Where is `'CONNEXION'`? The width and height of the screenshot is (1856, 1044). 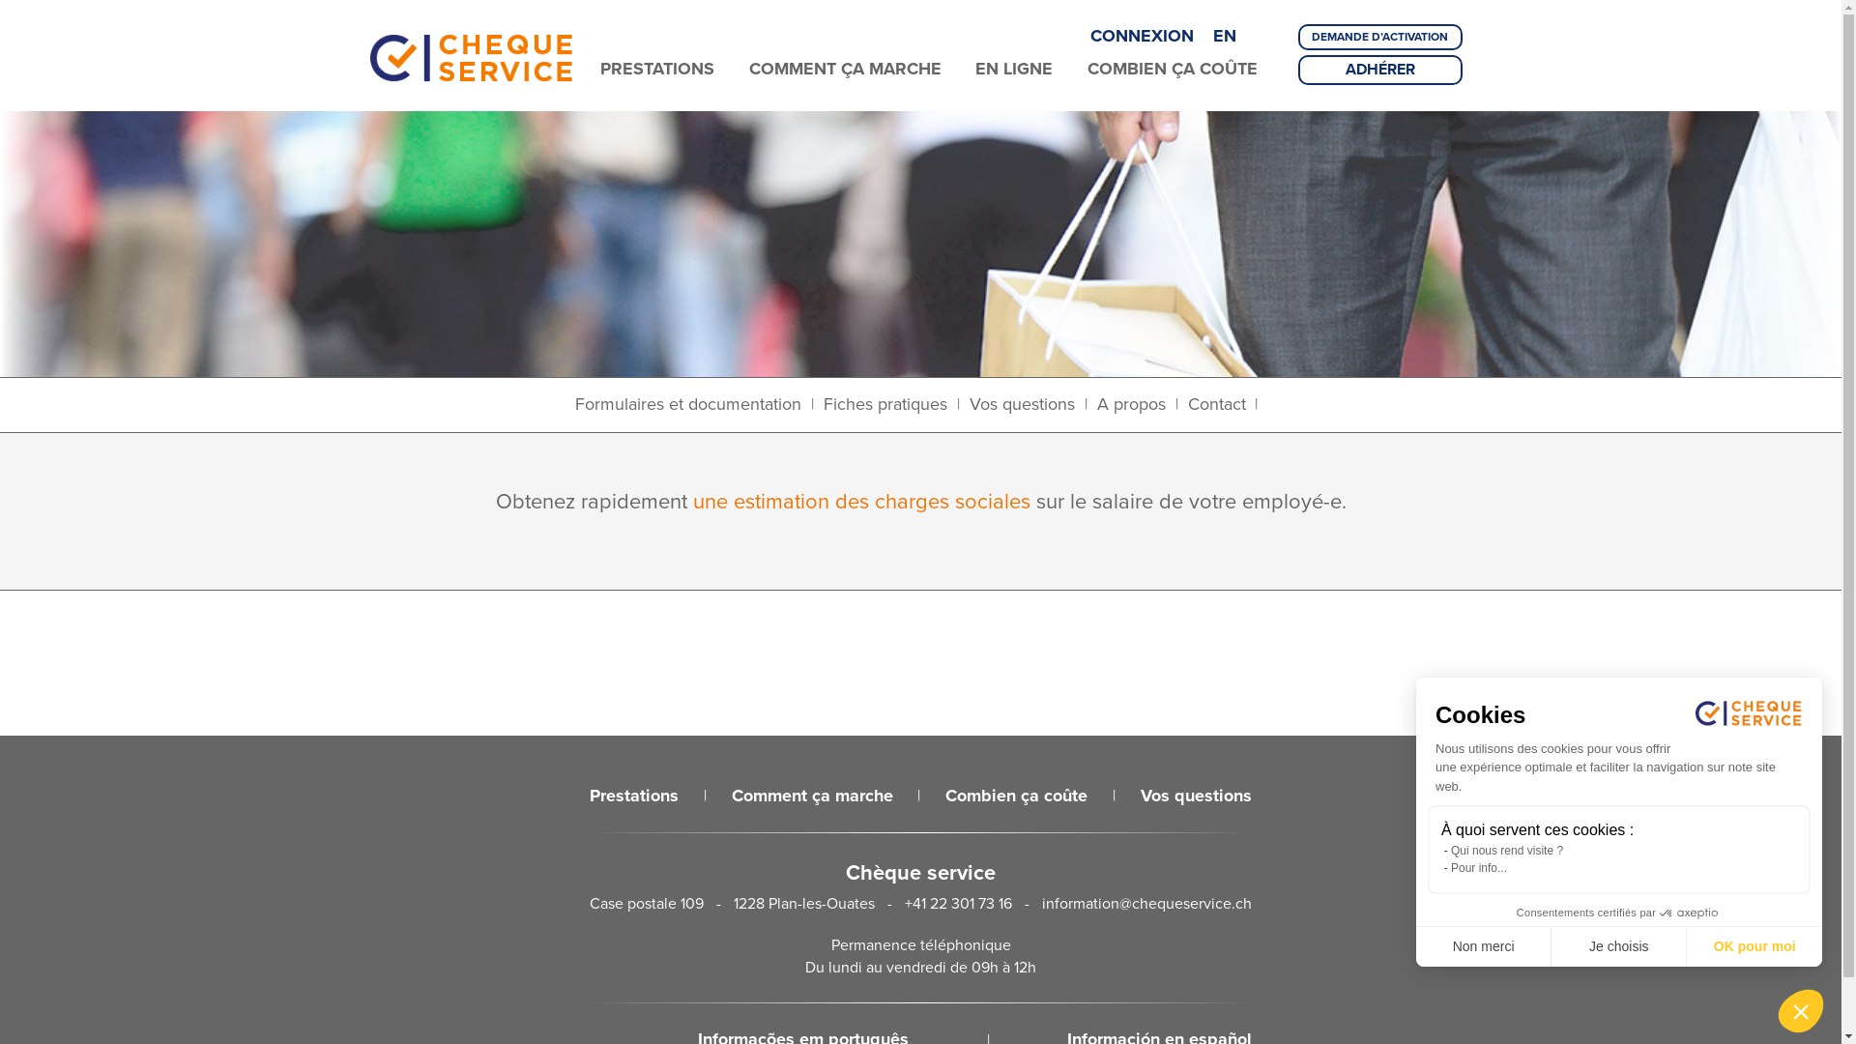
'CONNEXION' is located at coordinates (1090, 36).